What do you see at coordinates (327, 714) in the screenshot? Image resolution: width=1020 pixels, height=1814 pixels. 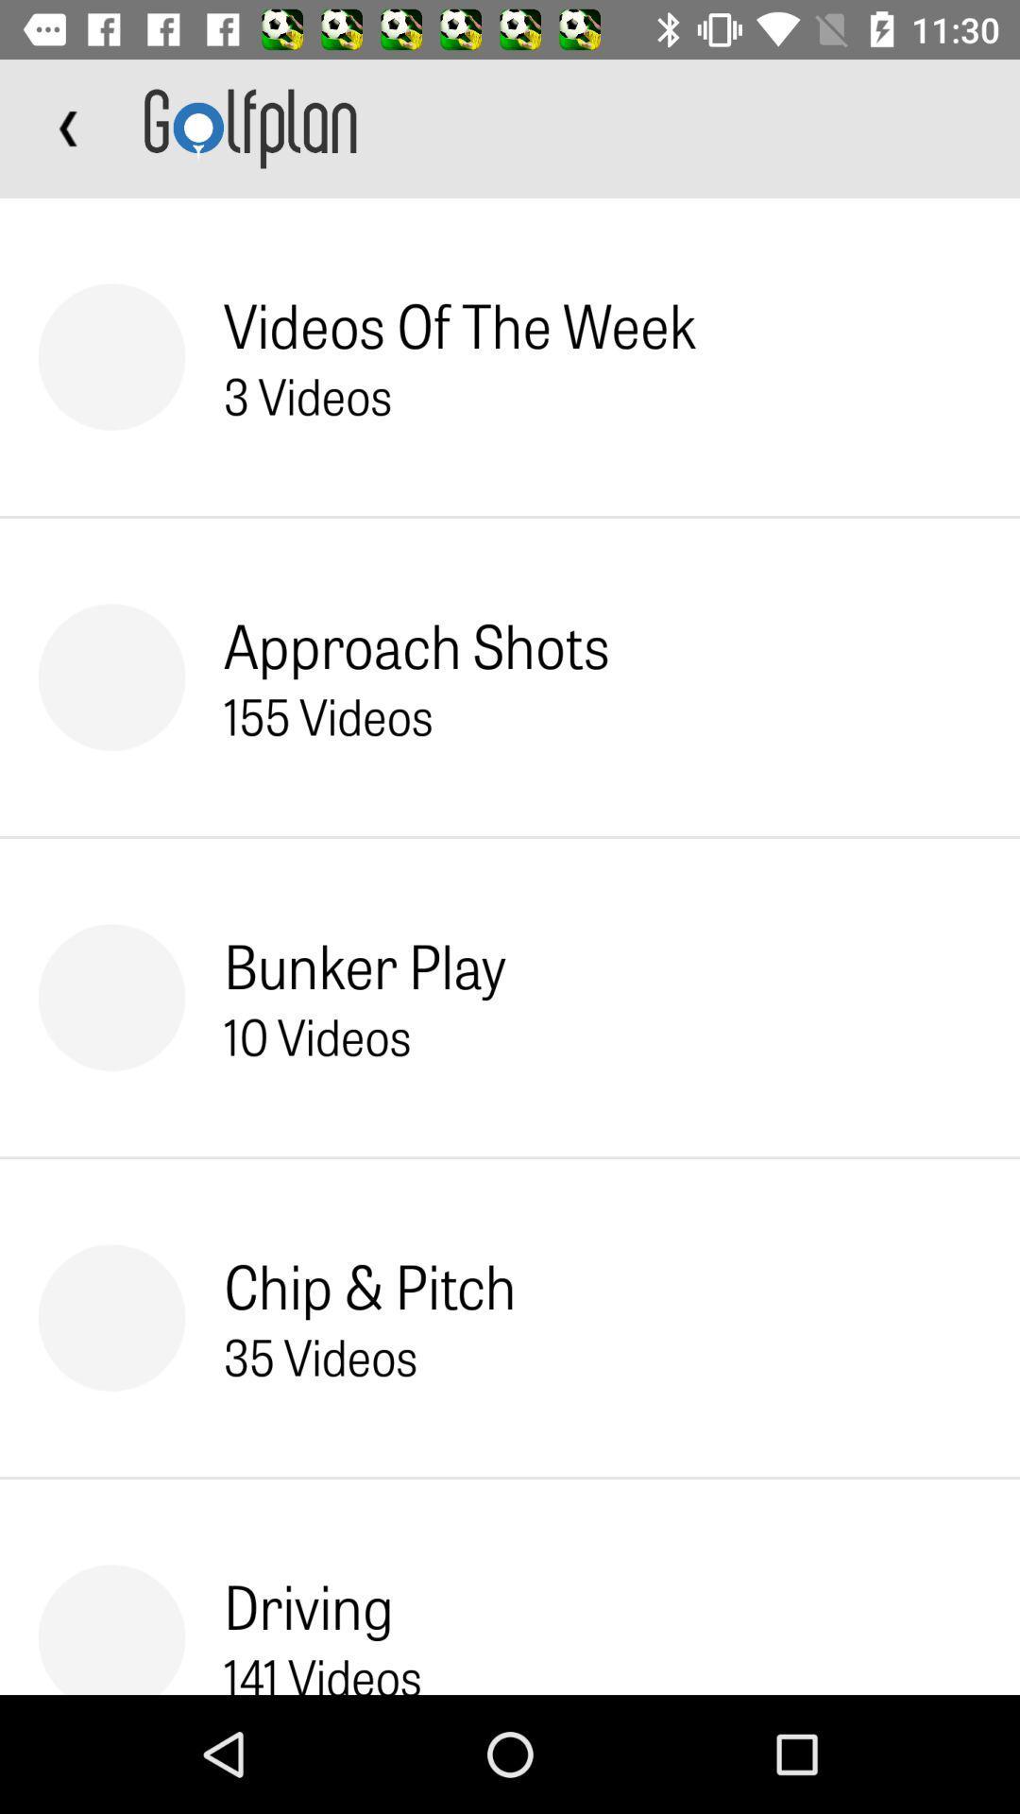 I see `the icon above the bunker play` at bounding box center [327, 714].